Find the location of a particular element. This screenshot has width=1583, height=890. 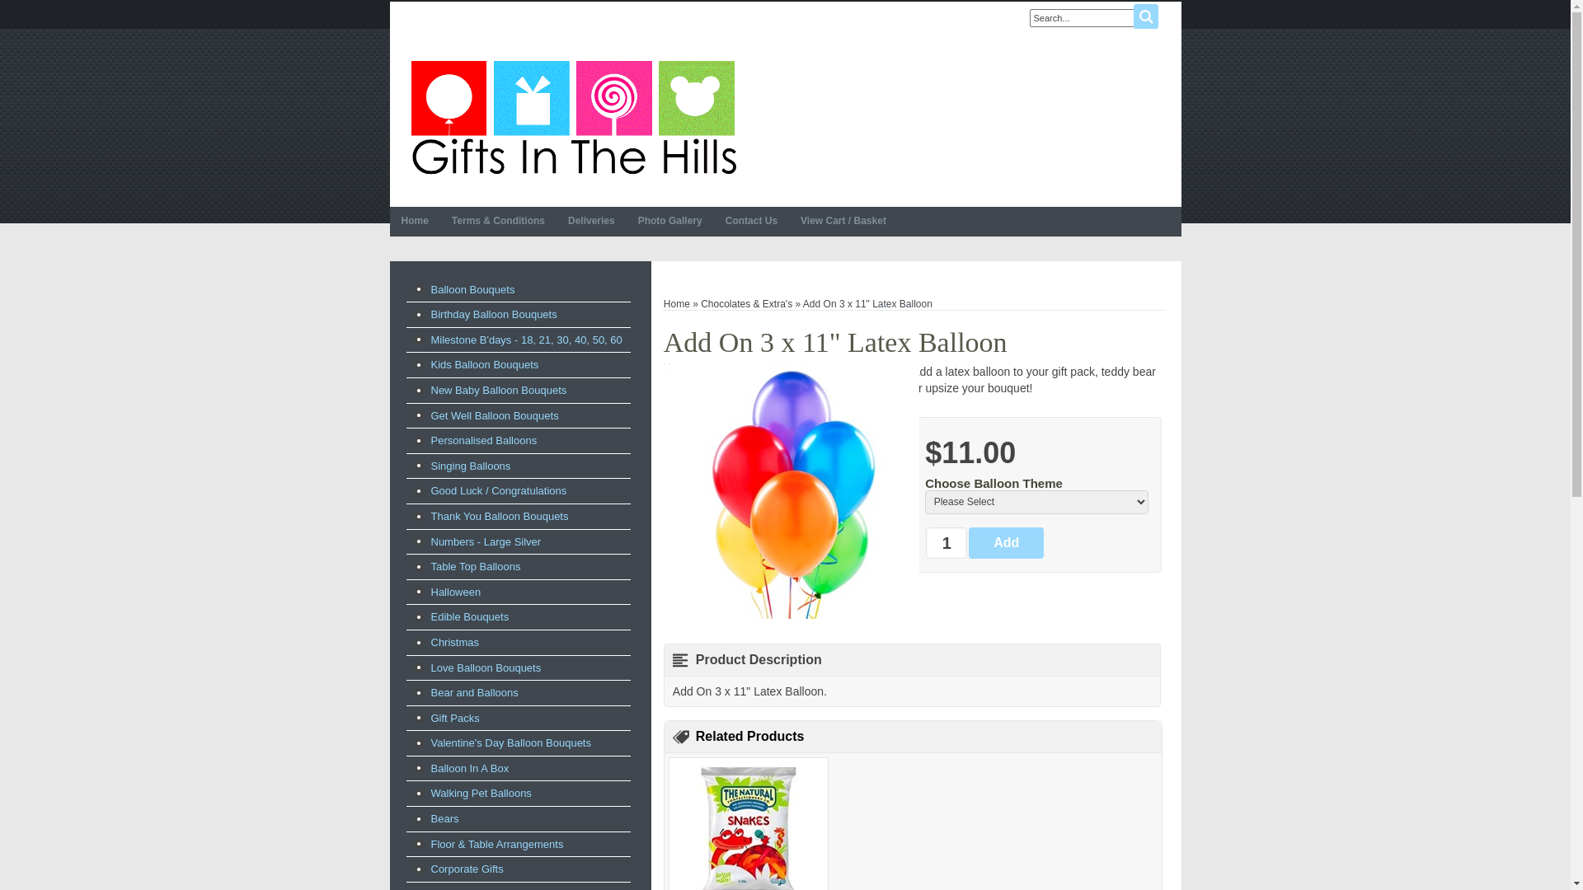

'Kids Balloon Bouquets' is located at coordinates (517, 364).